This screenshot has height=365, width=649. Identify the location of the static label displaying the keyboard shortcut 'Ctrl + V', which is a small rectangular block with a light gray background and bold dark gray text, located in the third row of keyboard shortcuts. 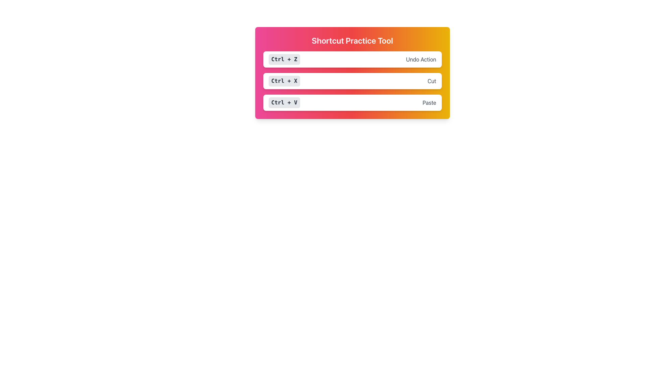
(284, 103).